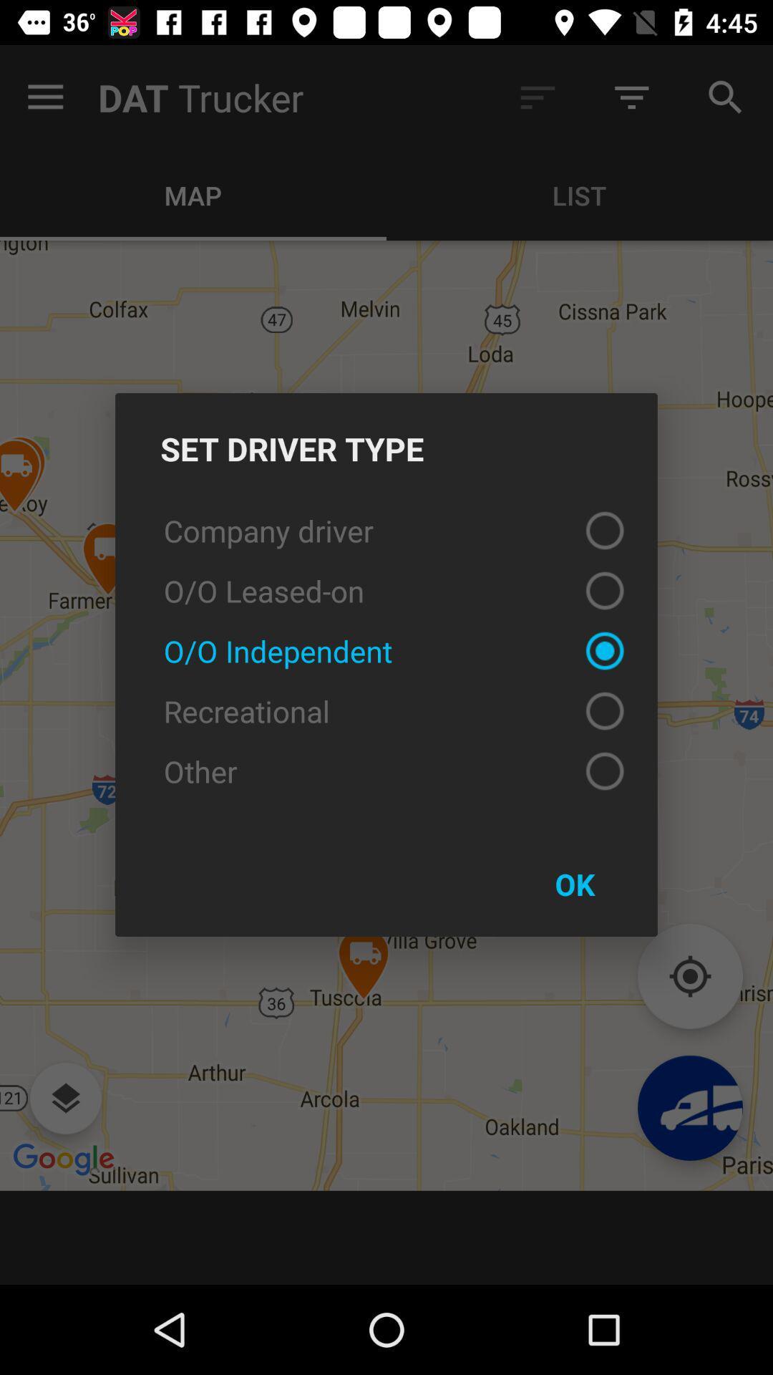  I want to click on icon on the right, so click(574, 883).